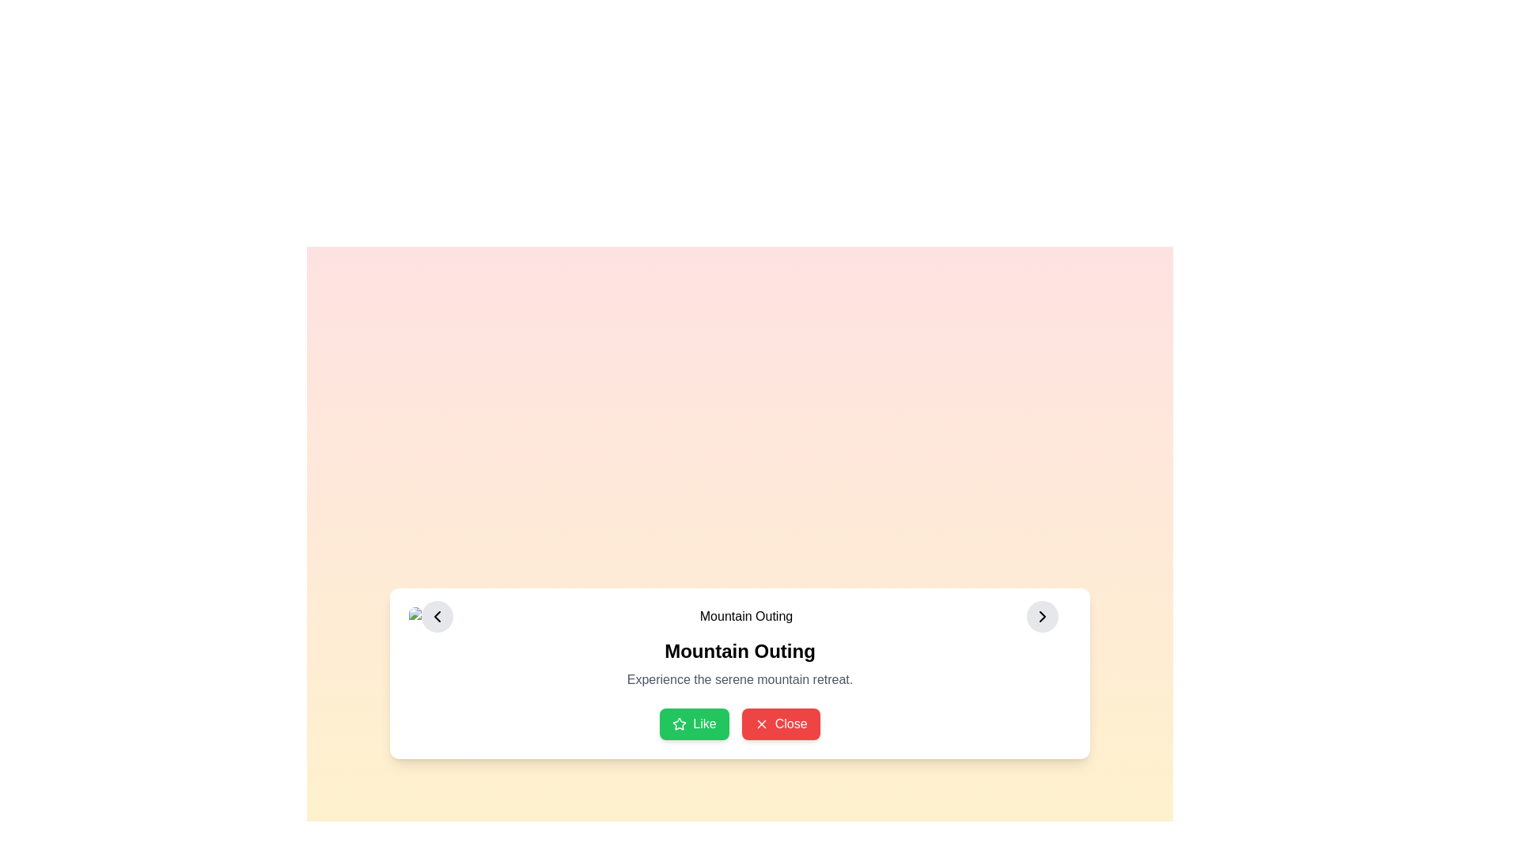 The image size is (1519, 854). I want to click on the like button located in the footer of the modal dialog, so click(695, 724).